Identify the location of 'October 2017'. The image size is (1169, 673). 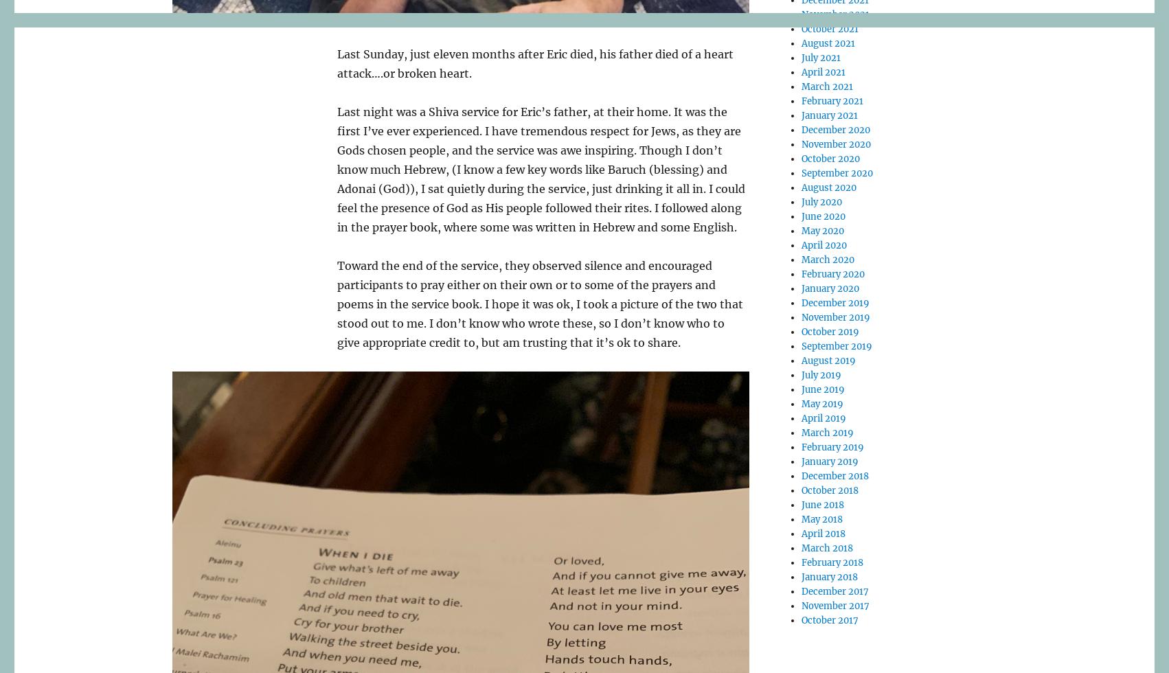
(802, 620).